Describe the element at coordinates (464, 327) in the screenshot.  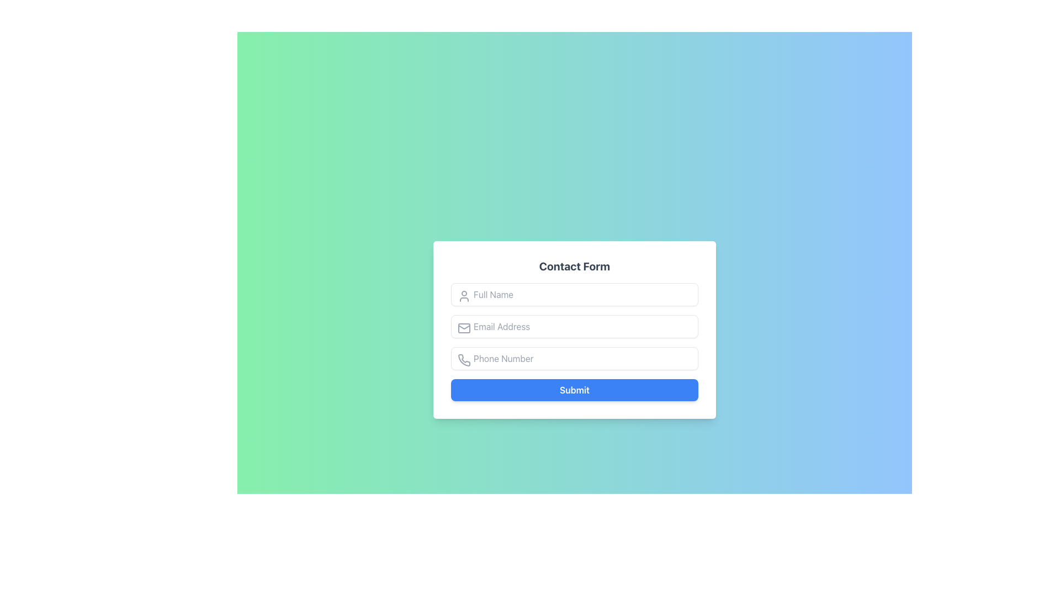
I see `the SVG rectangle representing the mail icon next to the 'Email Address' input field` at that location.